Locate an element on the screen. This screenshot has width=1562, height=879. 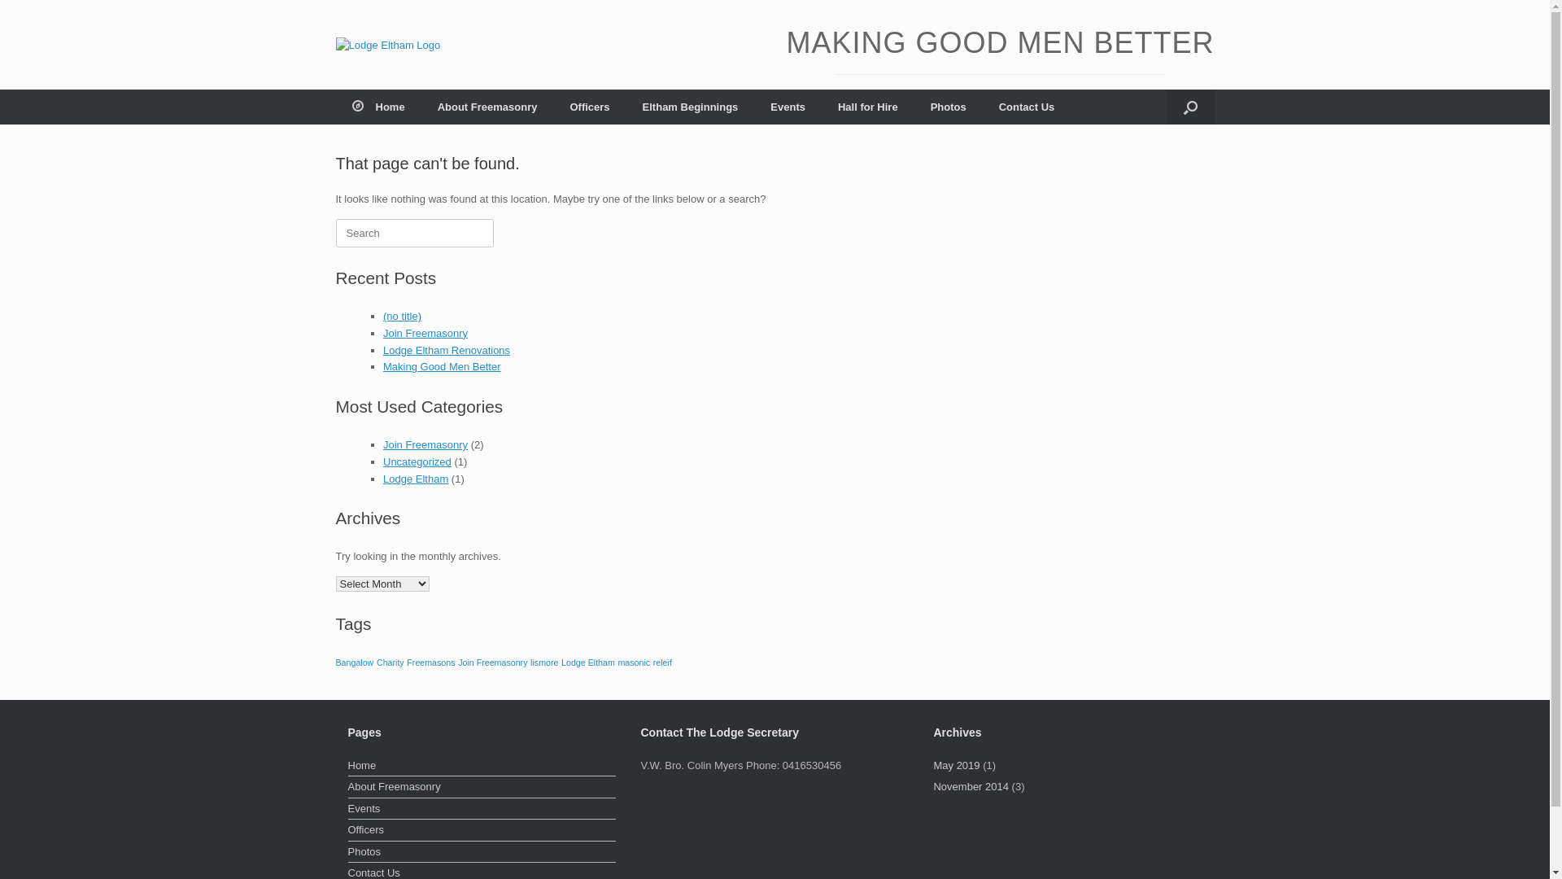
'Skip to content' is located at coordinates (0, 0).